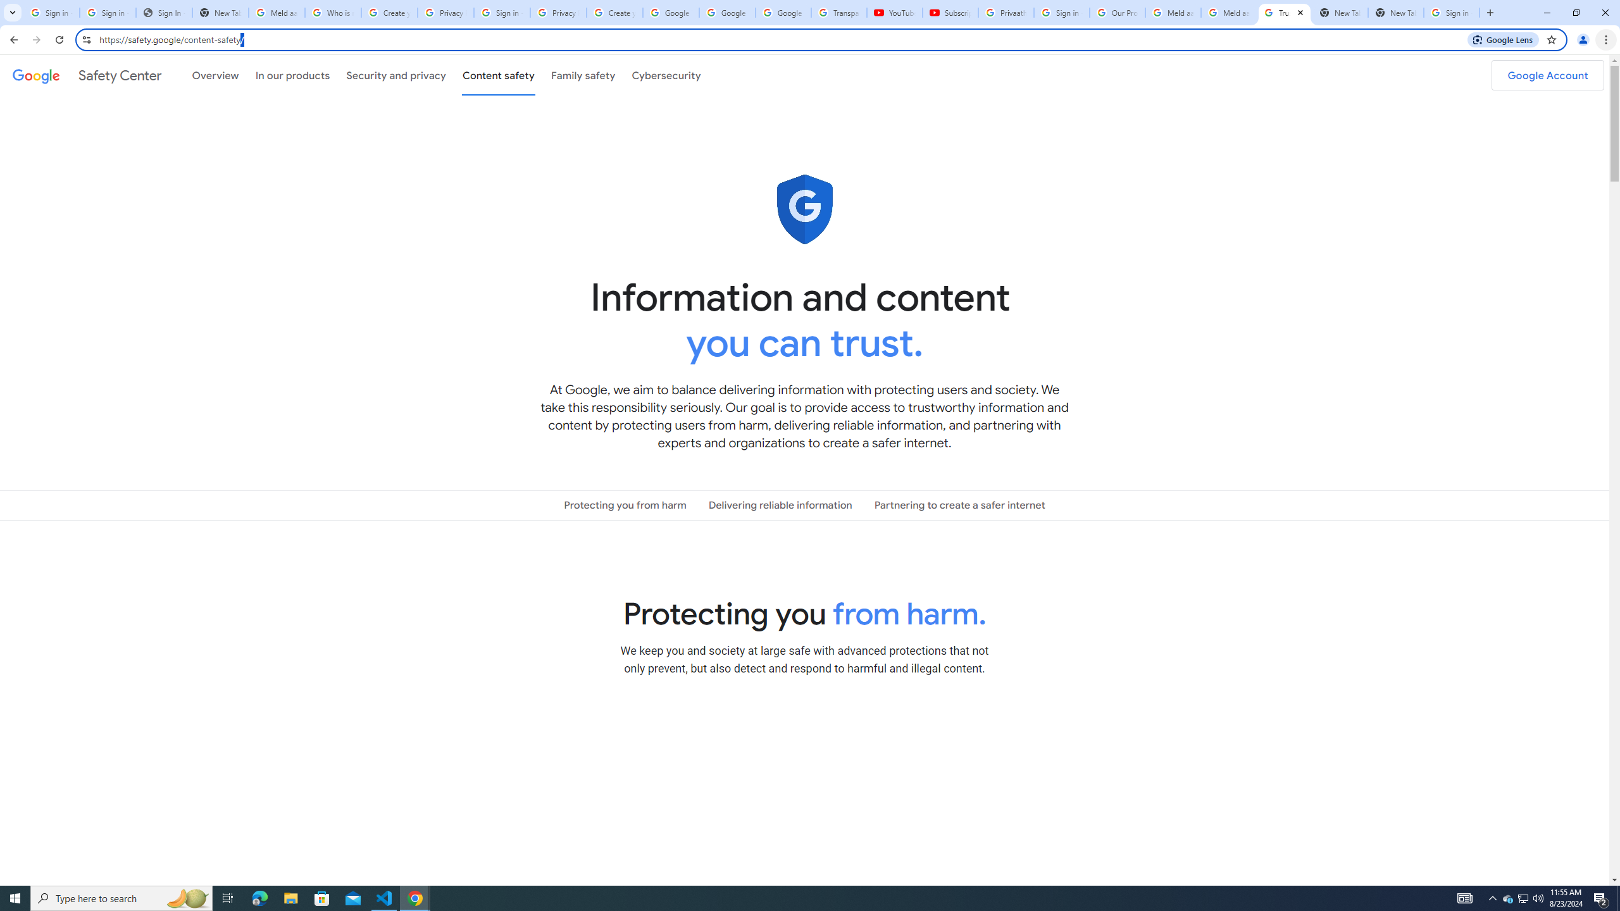 Image resolution: width=1620 pixels, height=911 pixels. What do you see at coordinates (959, 505) in the screenshot?
I see `'Partnering to create a safer internet'` at bounding box center [959, 505].